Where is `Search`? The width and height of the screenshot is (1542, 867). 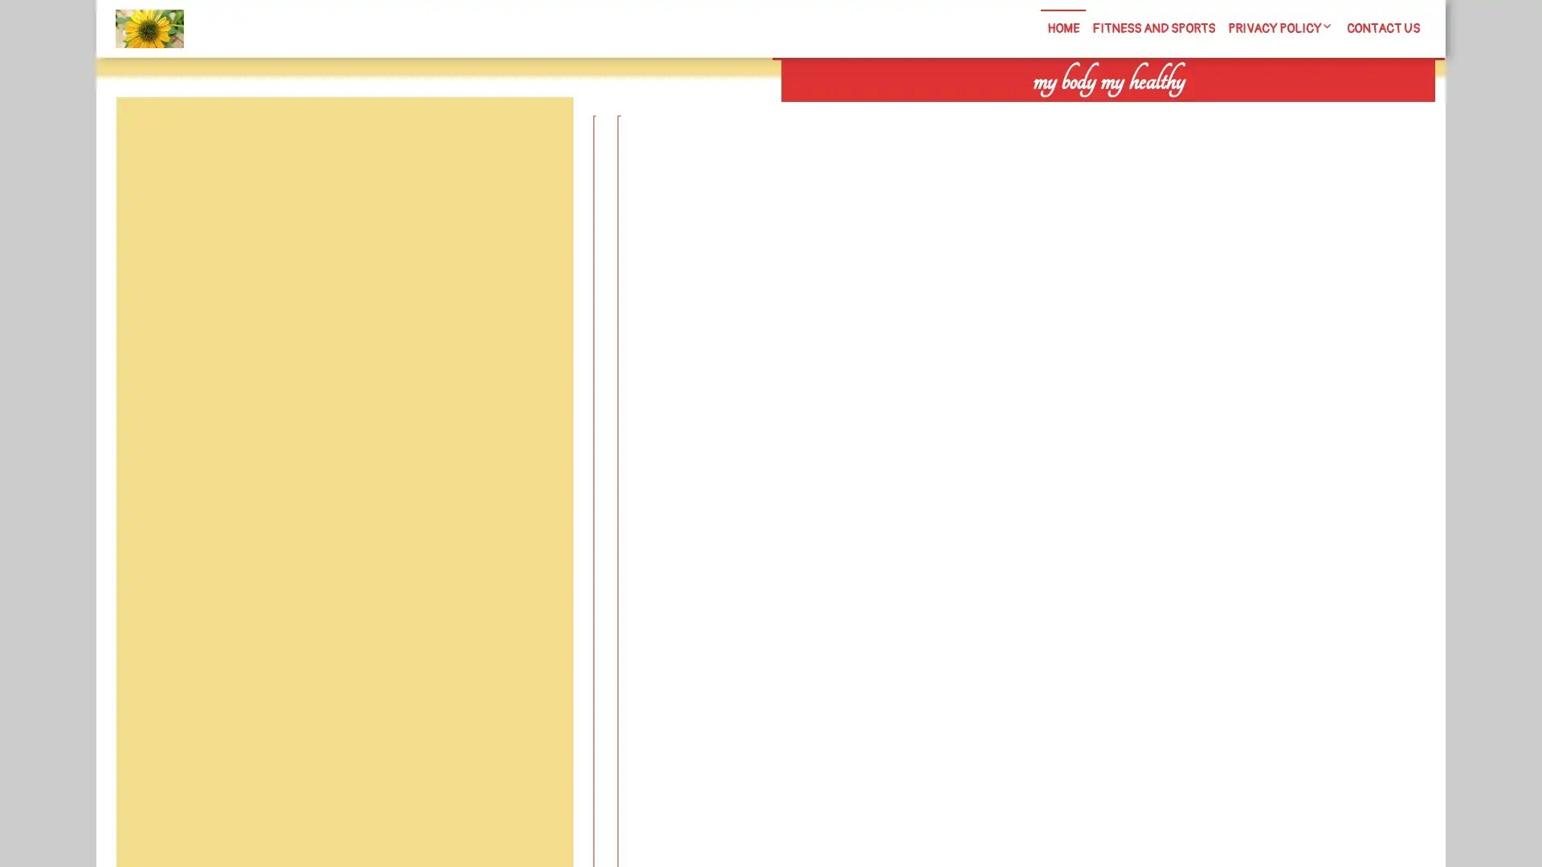 Search is located at coordinates (1250, 112).